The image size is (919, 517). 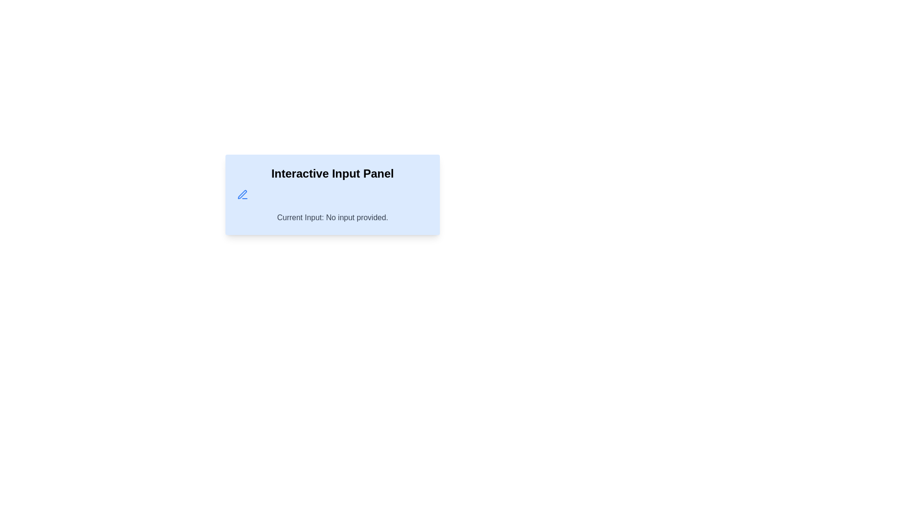 I want to click on the prominently displayed header text 'Interactive Input Panel' which is styled in a large, bold font and centered within a light blue background, so click(x=333, y=173).